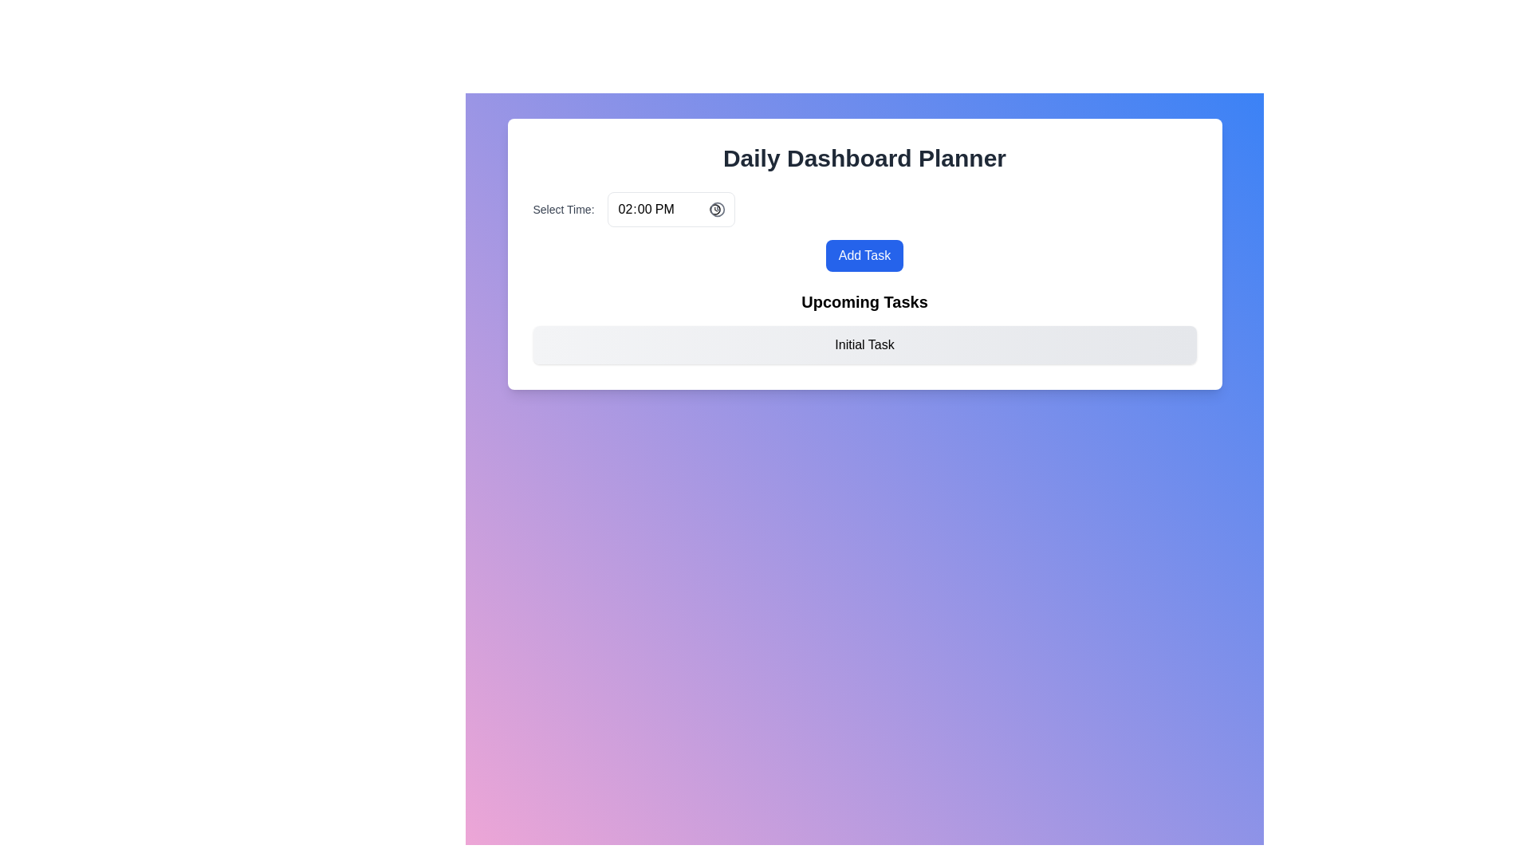  I want to click on the Time input field located to the right of the 'Select Time:' label to focus on it, so click(671, 208).